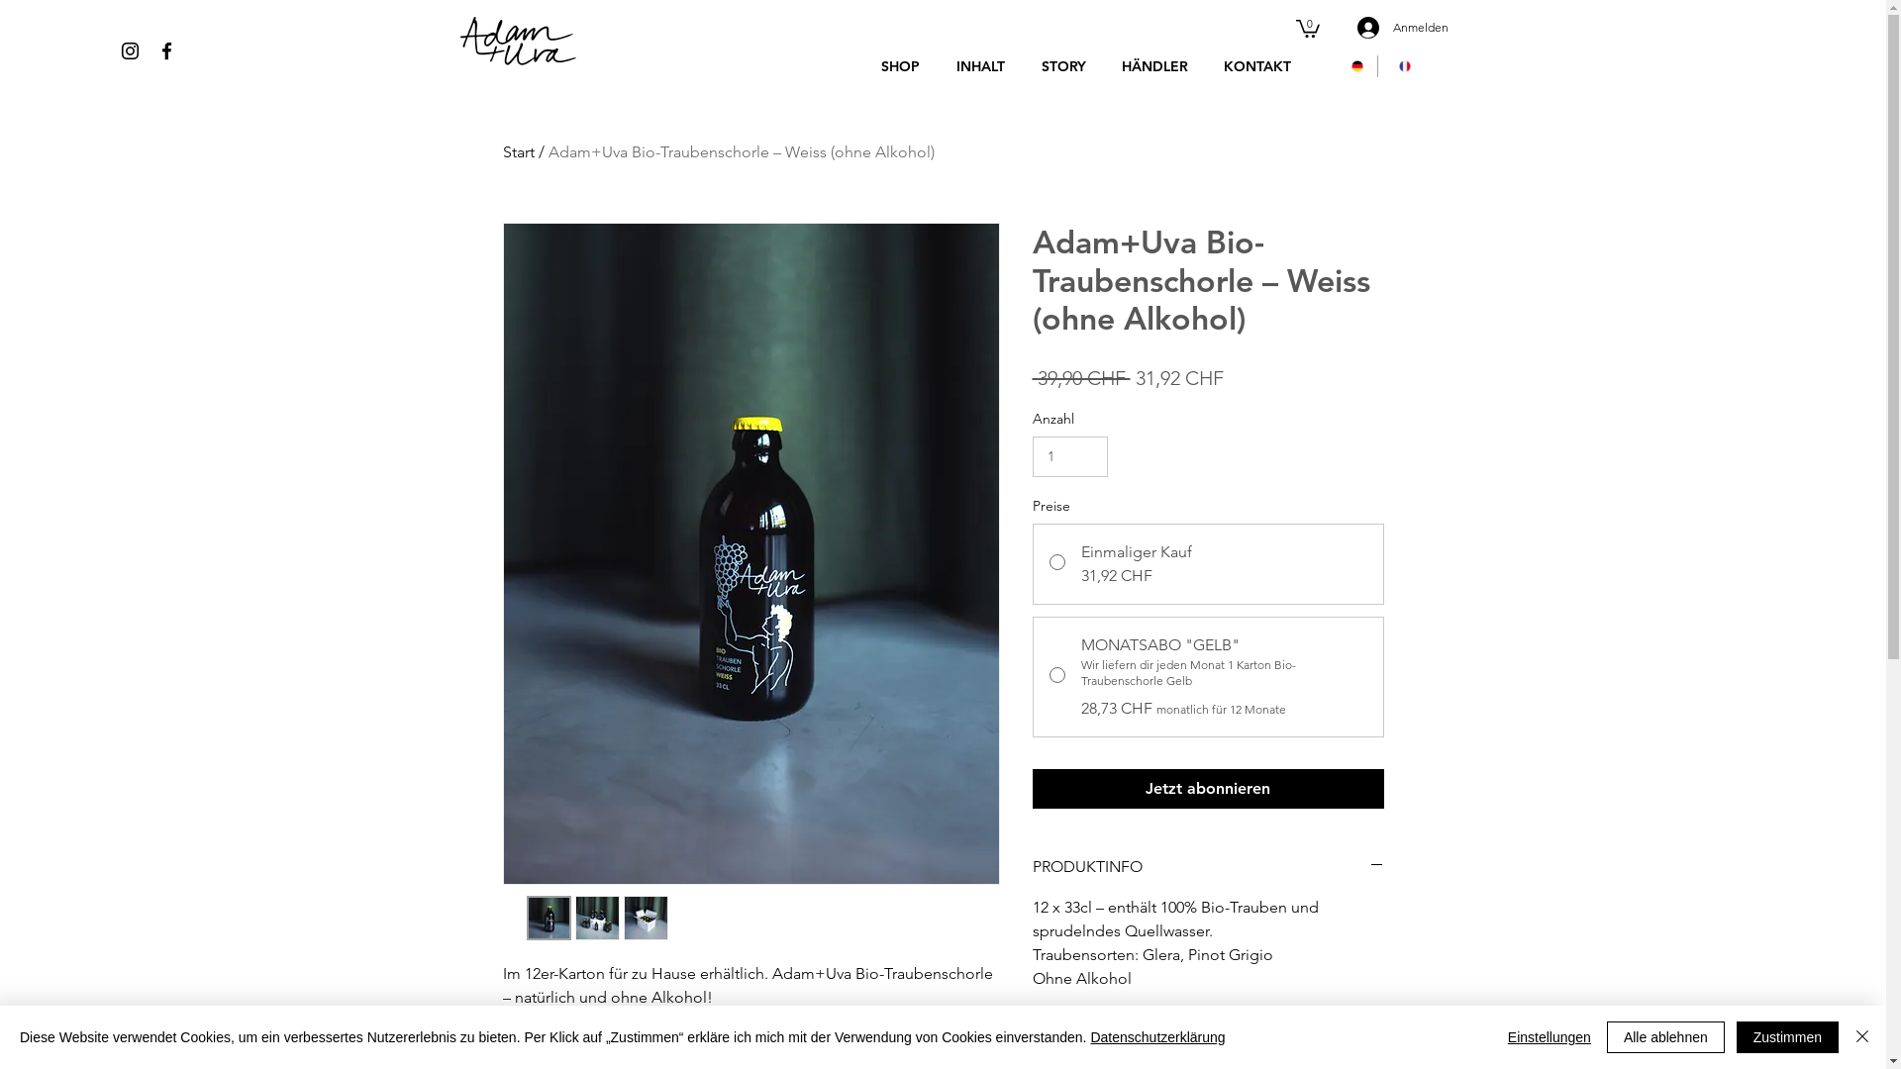  I want to click on 'Anmelden', so click(1381, 27).